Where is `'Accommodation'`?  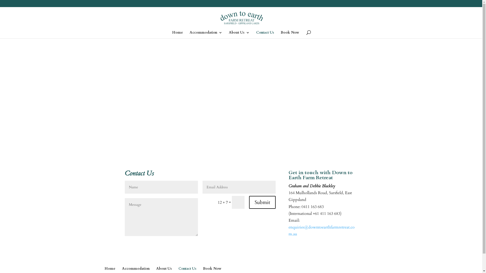 'Accommodation' is located at coordinates (189, 34).